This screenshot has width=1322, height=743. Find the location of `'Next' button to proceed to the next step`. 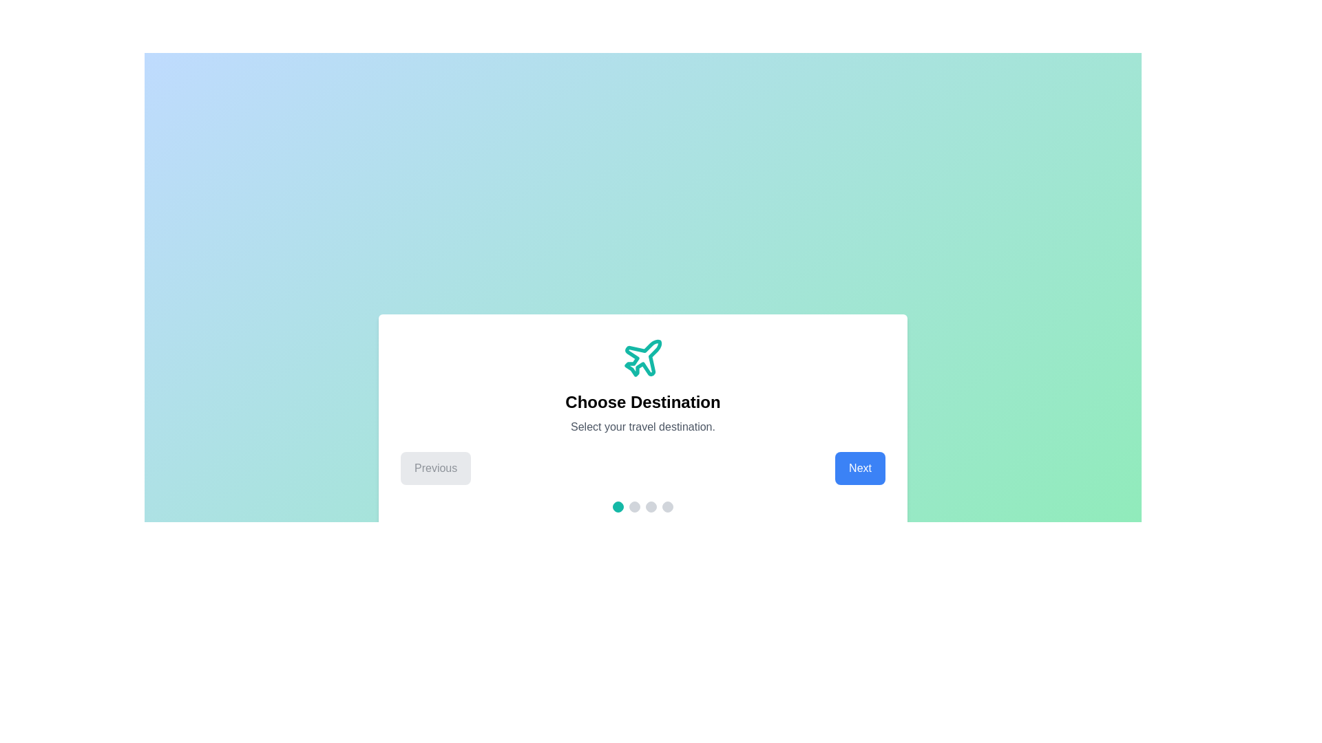

'Next' button to proceed to the next step is located at coordinates (859, 468).